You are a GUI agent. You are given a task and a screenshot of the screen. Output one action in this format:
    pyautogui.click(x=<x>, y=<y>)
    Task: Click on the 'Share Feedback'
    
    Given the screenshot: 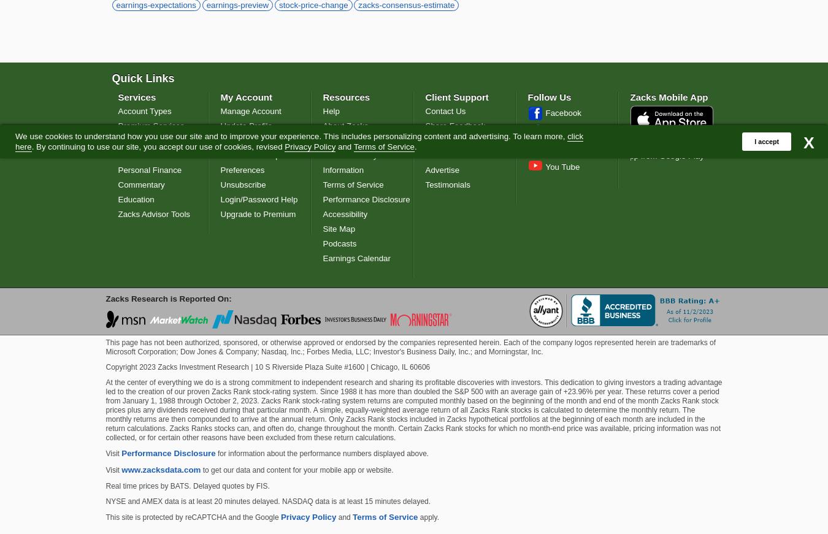 What is the action you would take?
    pyautogui.click(x=454, y=125)
    